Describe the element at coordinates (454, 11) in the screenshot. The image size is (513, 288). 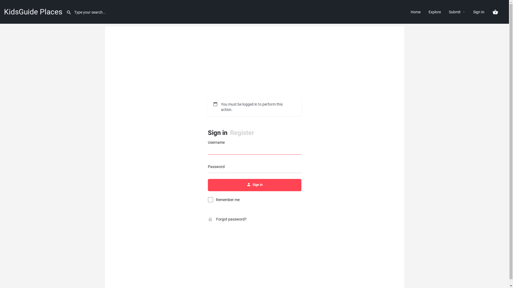
I see `'Submit'` at that location.